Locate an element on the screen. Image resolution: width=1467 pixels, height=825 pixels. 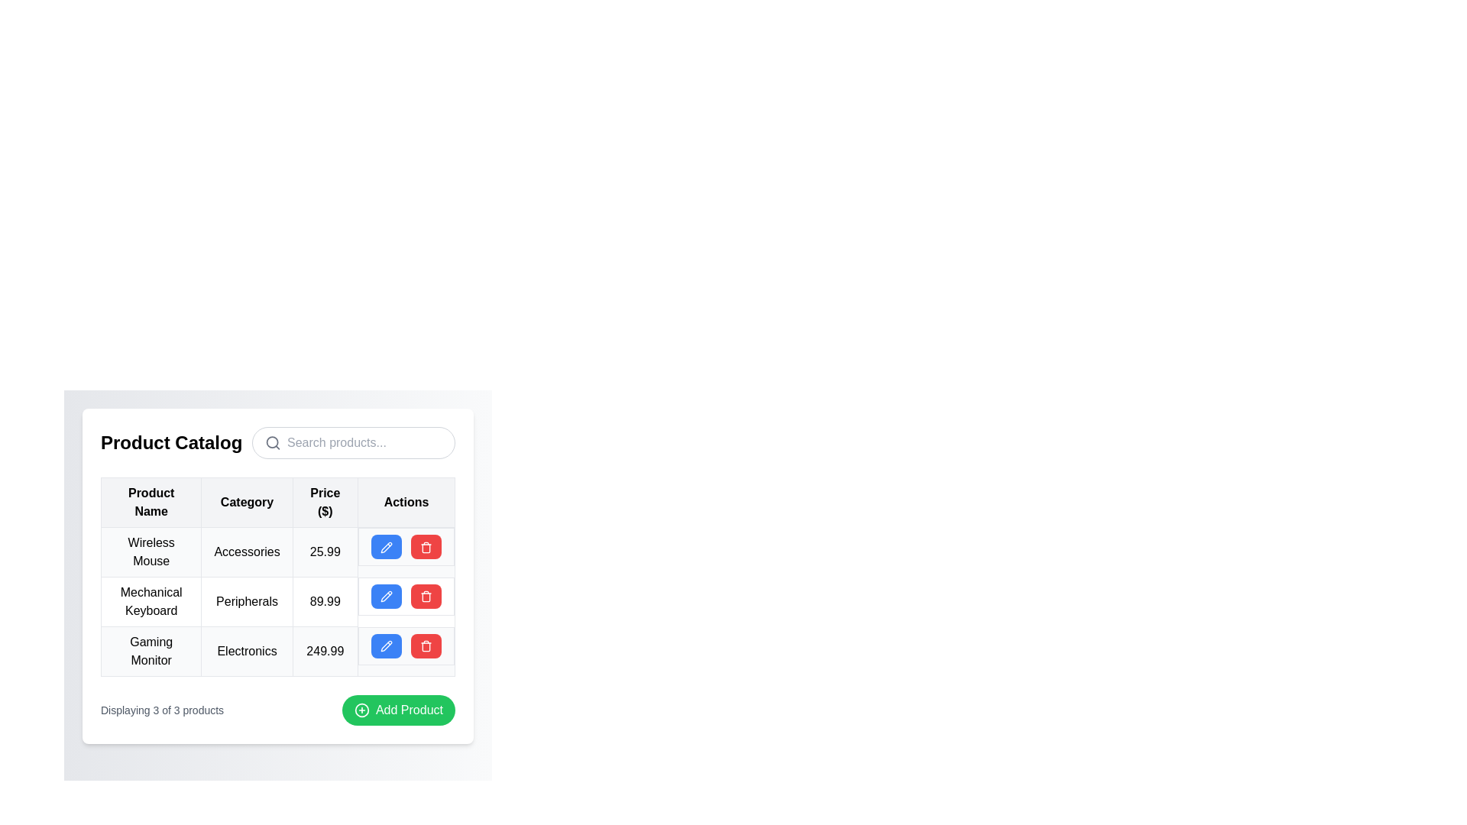
the last column header cell in the table, which indicates actions associated with each row and is located to the right of the 'Price ($)' header is located at coordinates (406, 503).